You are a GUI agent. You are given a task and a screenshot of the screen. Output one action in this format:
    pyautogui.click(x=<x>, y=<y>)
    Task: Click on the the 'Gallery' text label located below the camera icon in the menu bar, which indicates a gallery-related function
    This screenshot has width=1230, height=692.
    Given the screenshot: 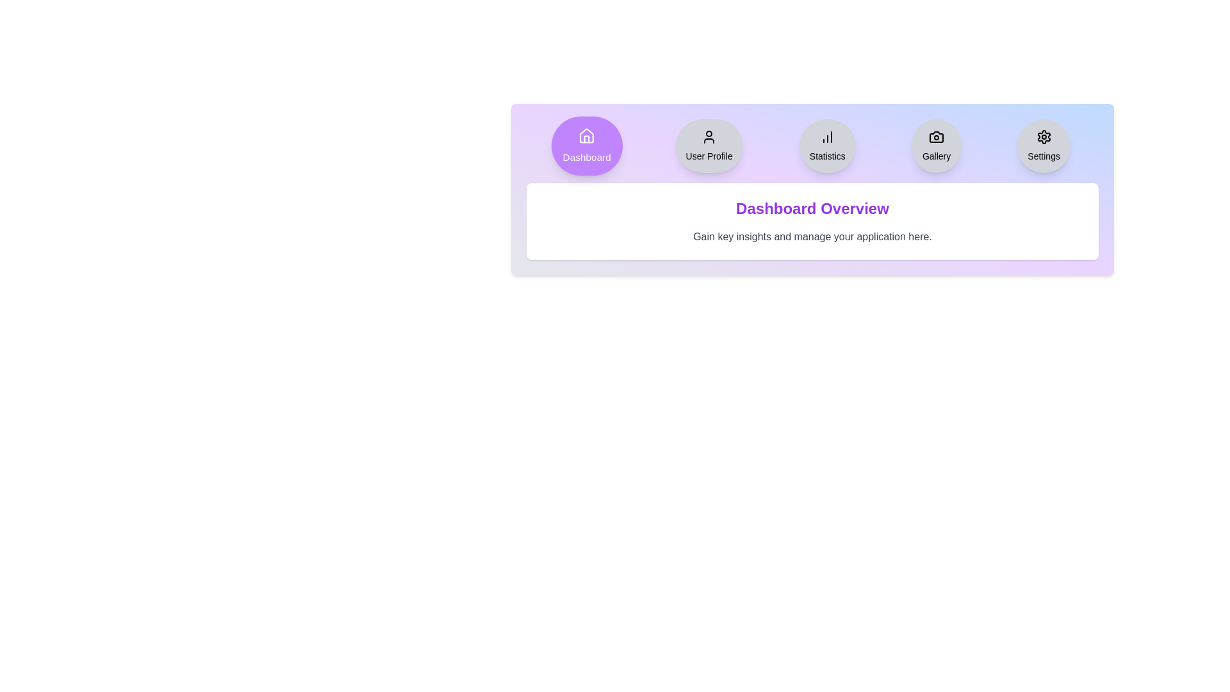 What is the action you would take?
    pyautogui.click(x=937, y=155)
    